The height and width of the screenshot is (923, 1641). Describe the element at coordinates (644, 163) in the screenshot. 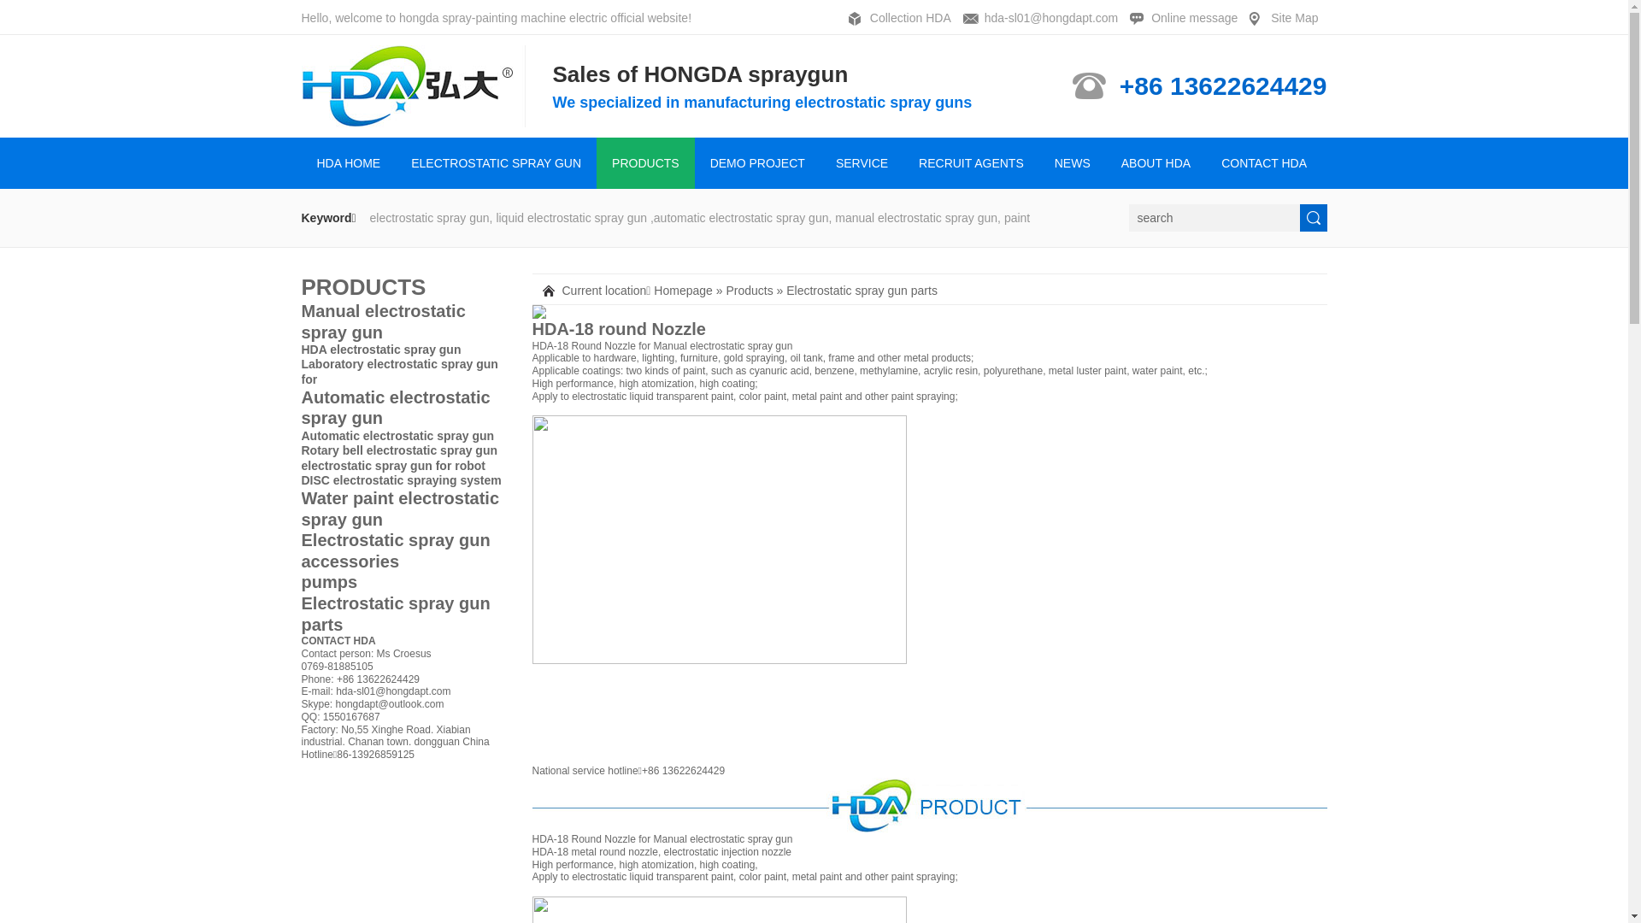

I see `'PRODUCTS'` at that location.